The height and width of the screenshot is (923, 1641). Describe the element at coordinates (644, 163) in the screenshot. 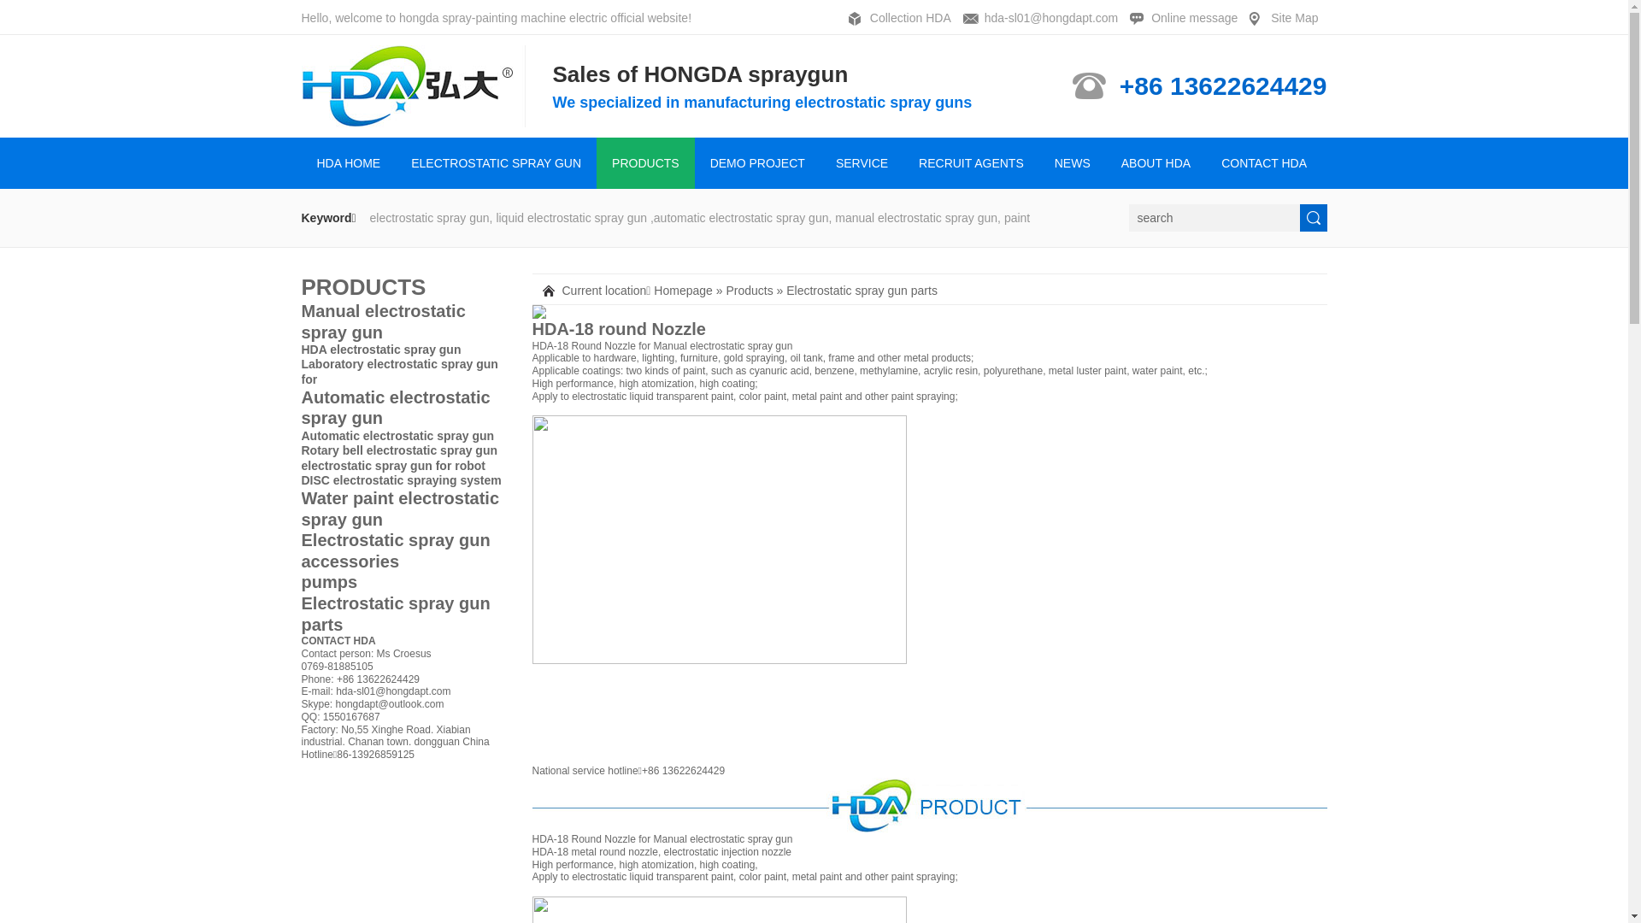

I see `'PRODUCTS'` at that location.